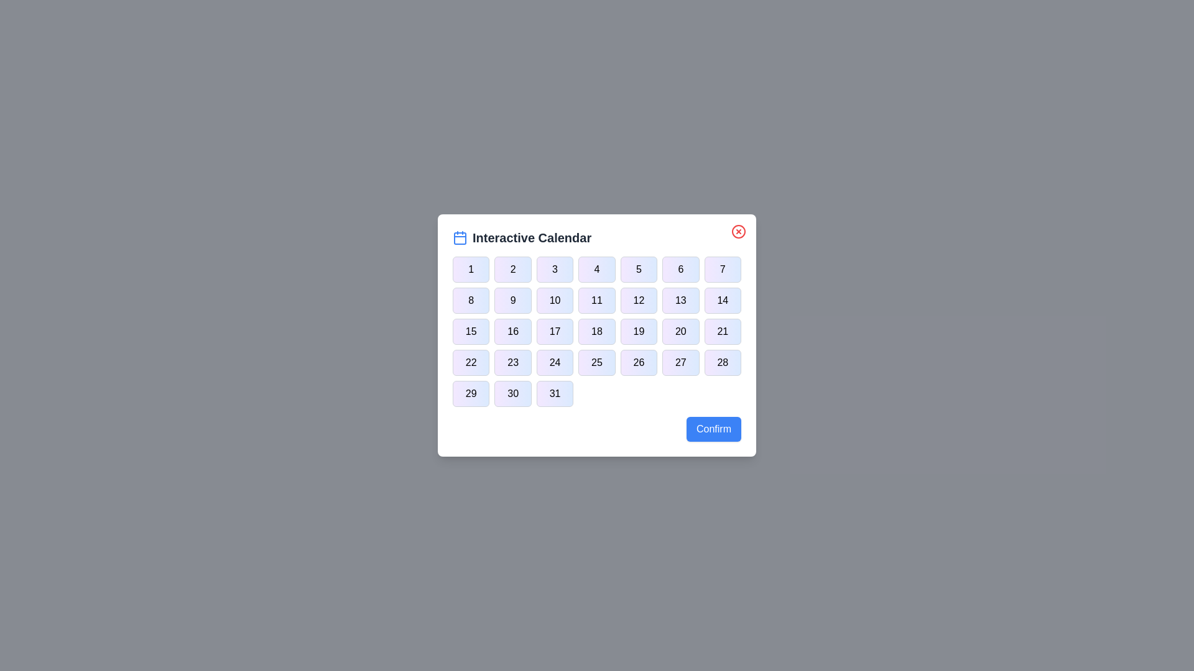 The image size is (1194, 671). I want to click on the 'Confirm' button to confirm the selection, so click(713, 428).